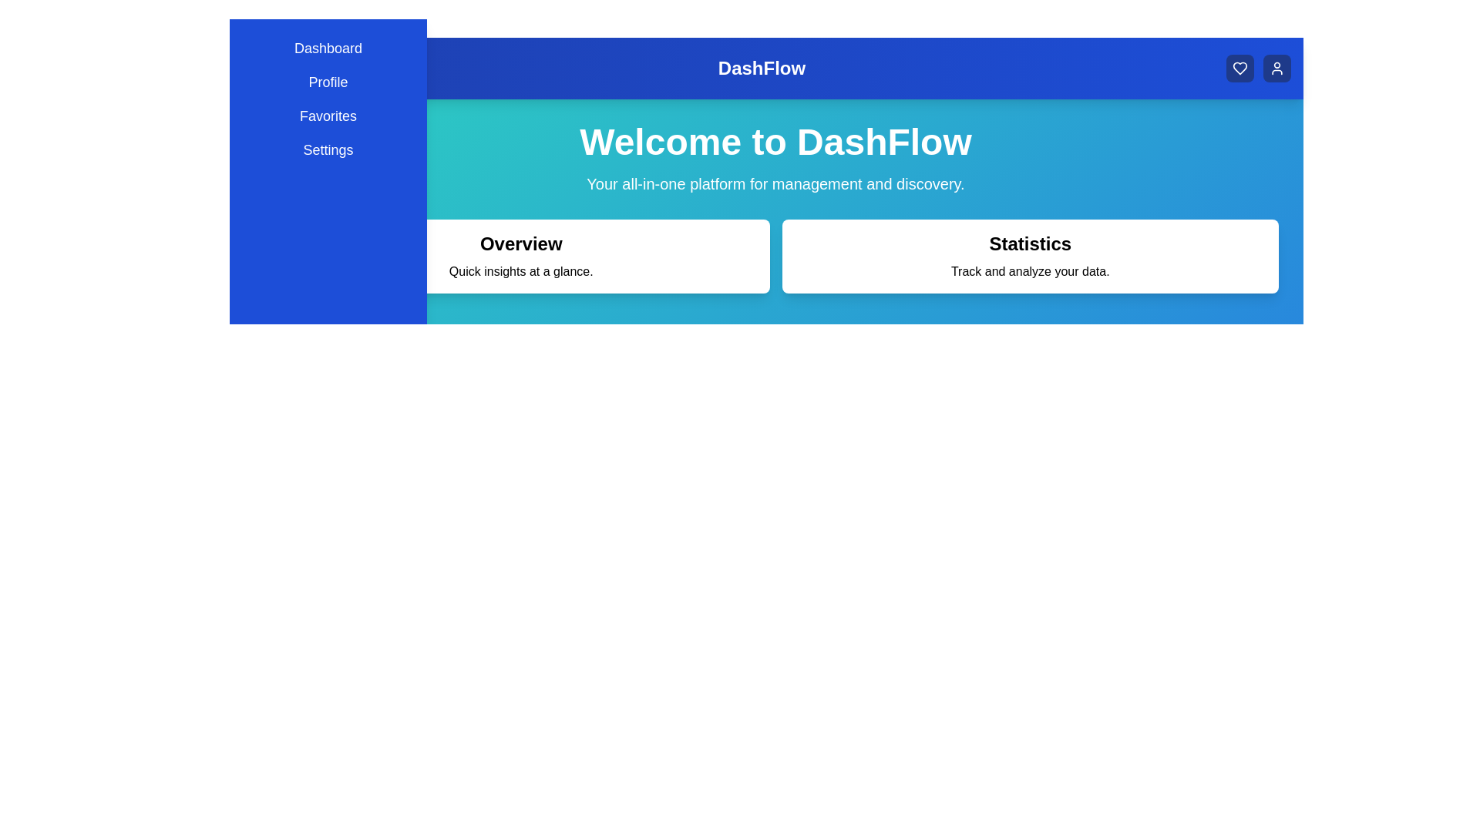 Image resolution: width=1480 pixels, height=832 pixels. Describe the element at coordinates (1276, 67) in the screenshot. I see `the 'User' icon button located in the top-right corner of the app bar` at that location.